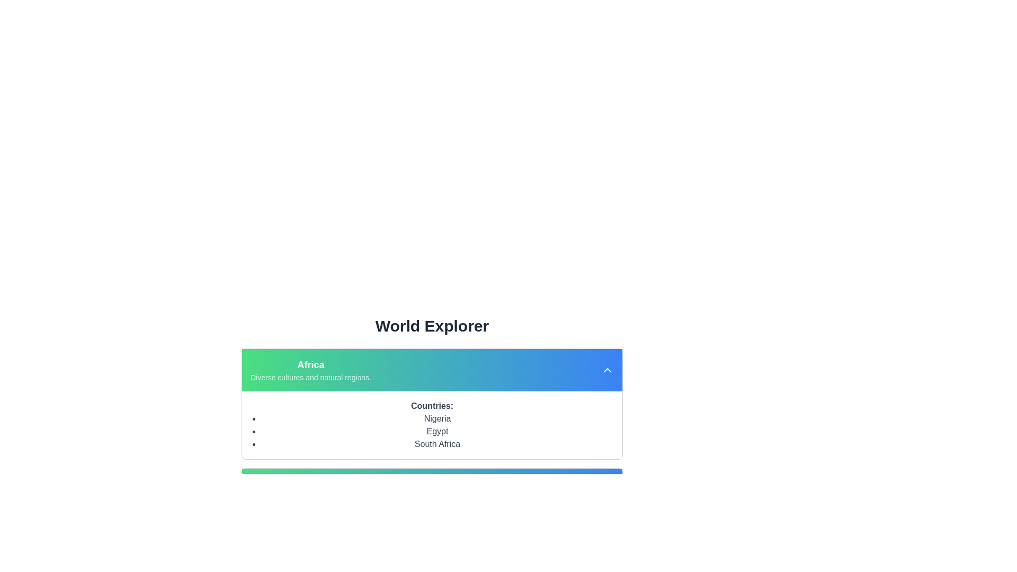  What do you see at coordinates (310, 377) in the screenshot?
I see `the text label reading 'Diverse cultures and natural regions.' which is positioned below the 'Africa' label in the 'World Explorer' section` at bounding box center [310, 377].